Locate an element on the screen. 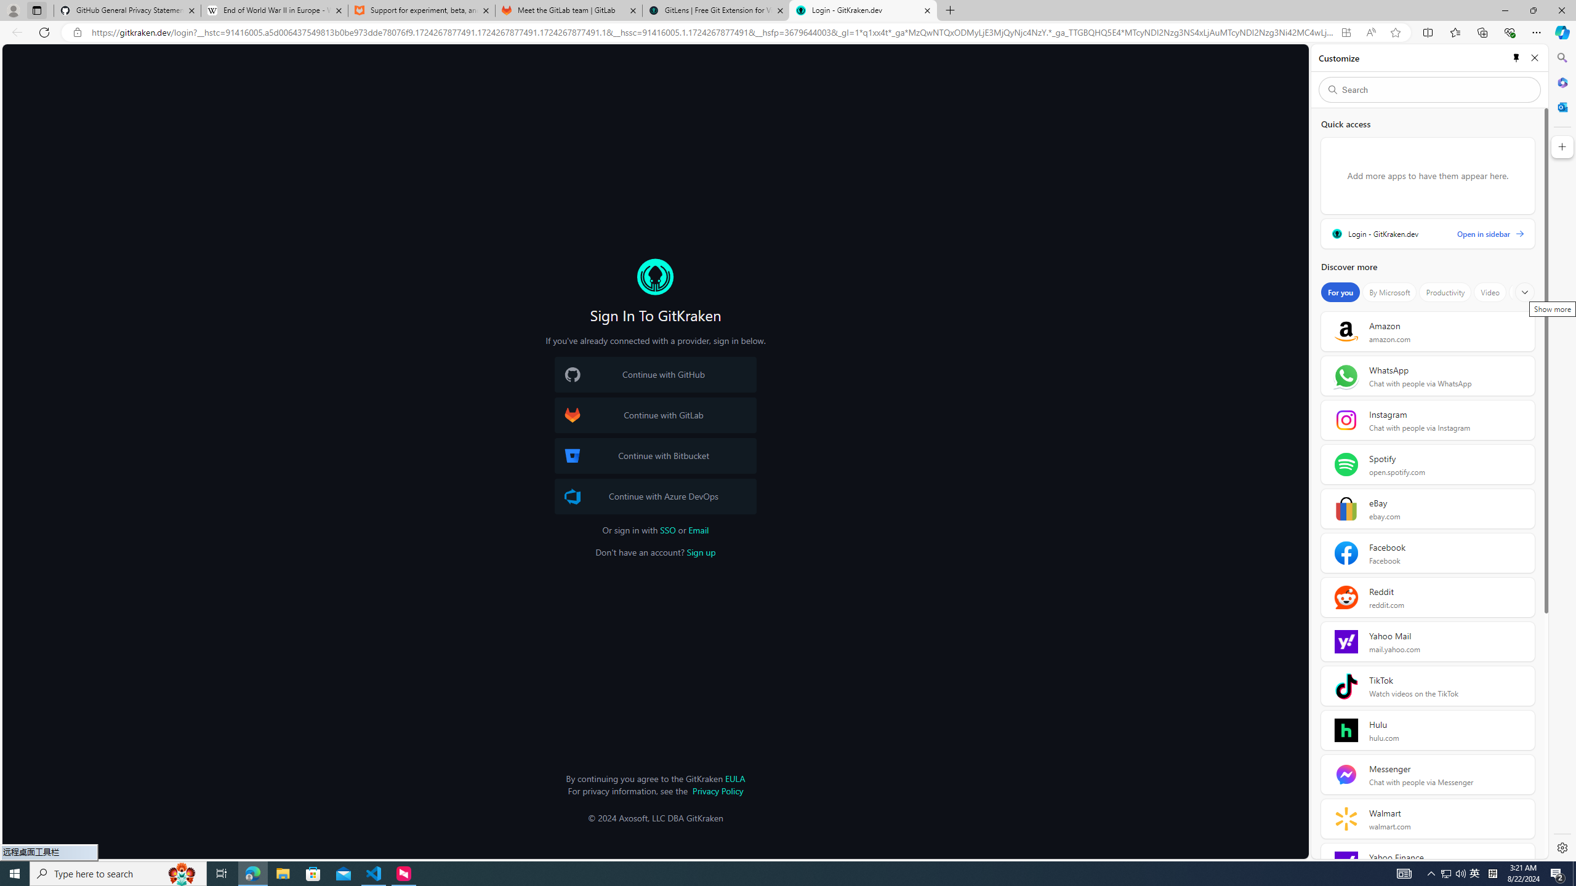 The image size is (1576, 886). 'Email' is located at coordinates (698, 530).